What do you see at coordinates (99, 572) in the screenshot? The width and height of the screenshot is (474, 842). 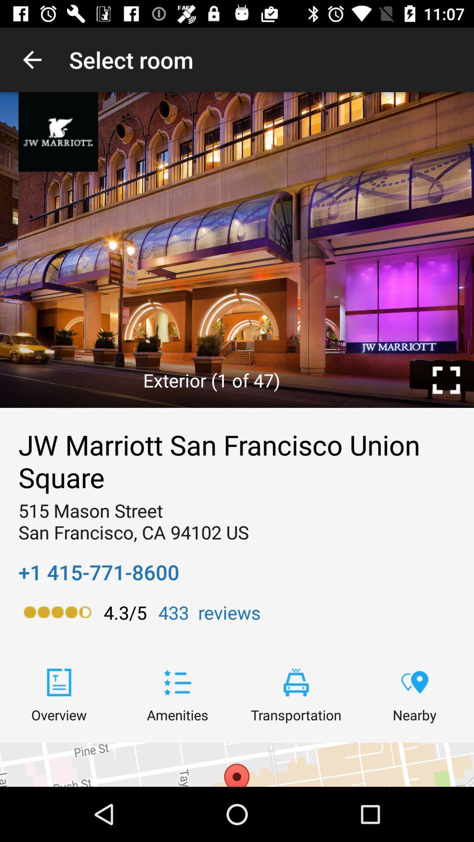 I see `icon below the 515 mason street icon` at bounding box center [99, 572].